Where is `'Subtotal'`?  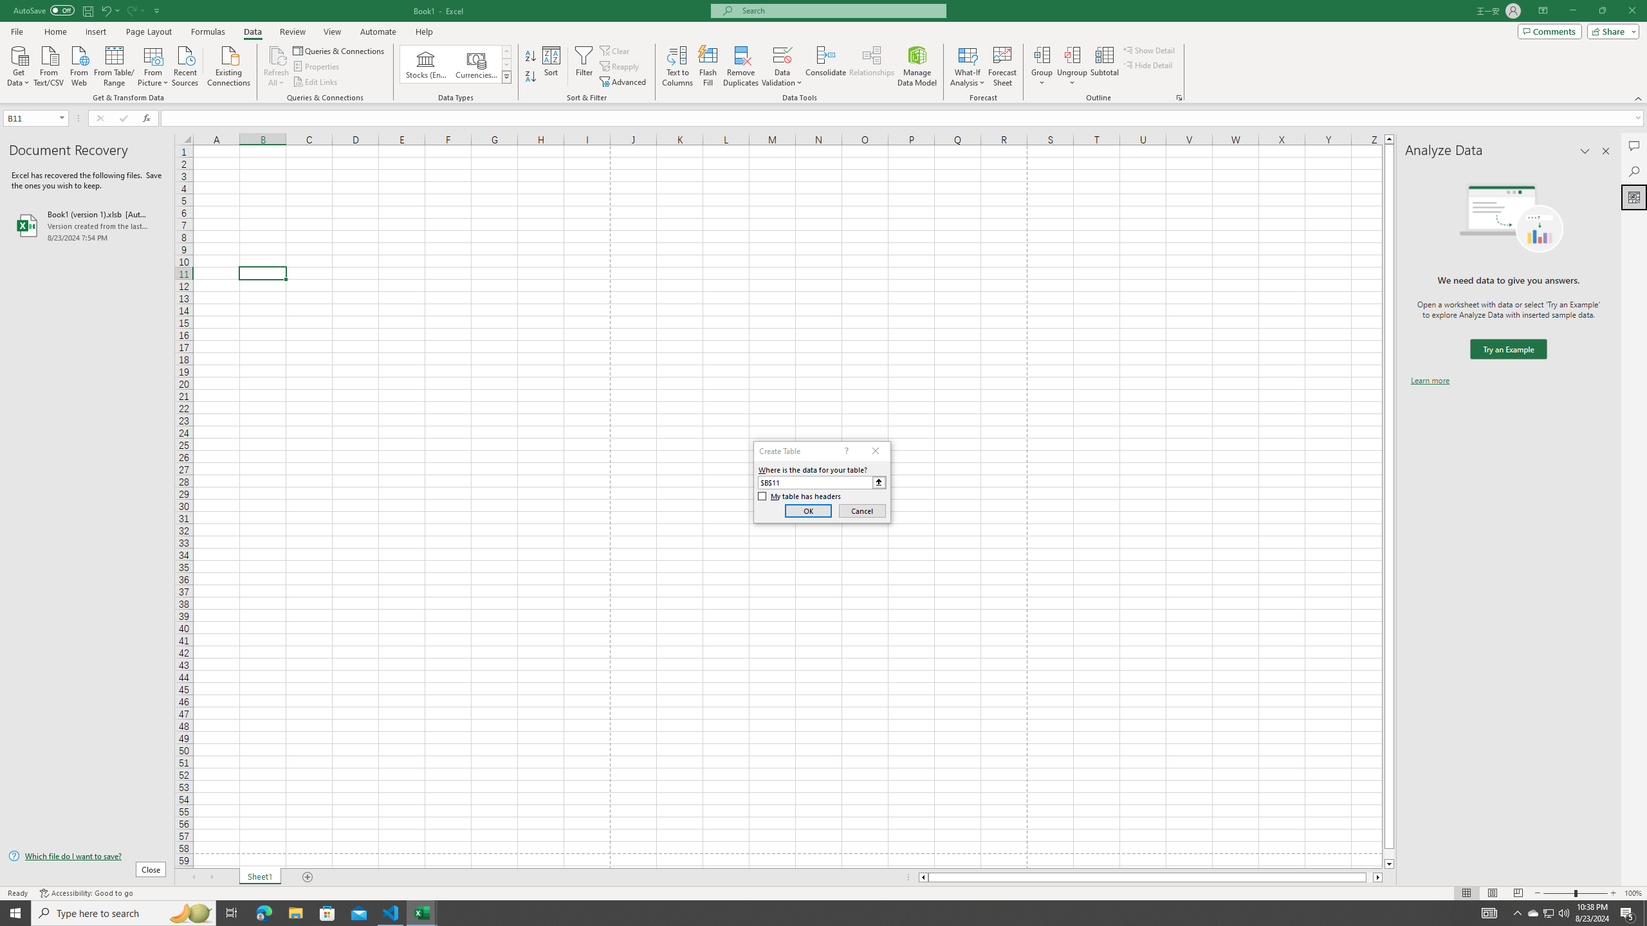
'Subtotal' is located at coordinates (1104, 66).